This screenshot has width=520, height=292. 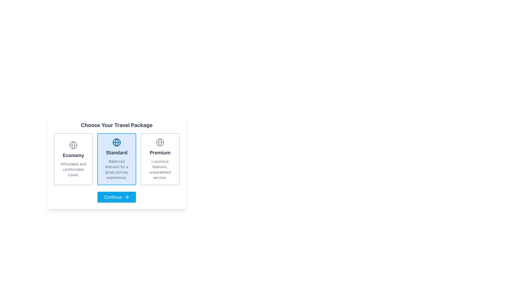 I want to click on the global connectivity icon located centrally in the 'Standard' choice card via keyboard navigation, so click(x=160, y=142).